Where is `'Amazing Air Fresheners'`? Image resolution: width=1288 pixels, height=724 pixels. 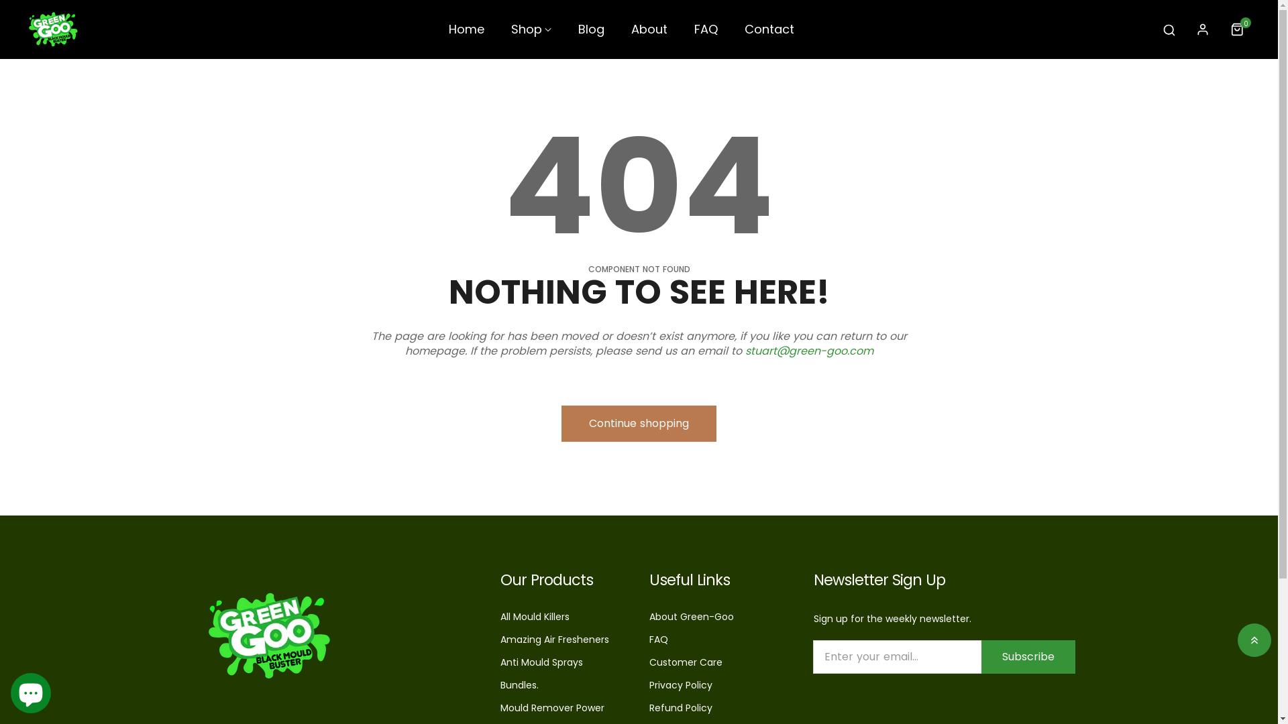
'Amazing Air Fresheners' is located at coordinates (554, 638).